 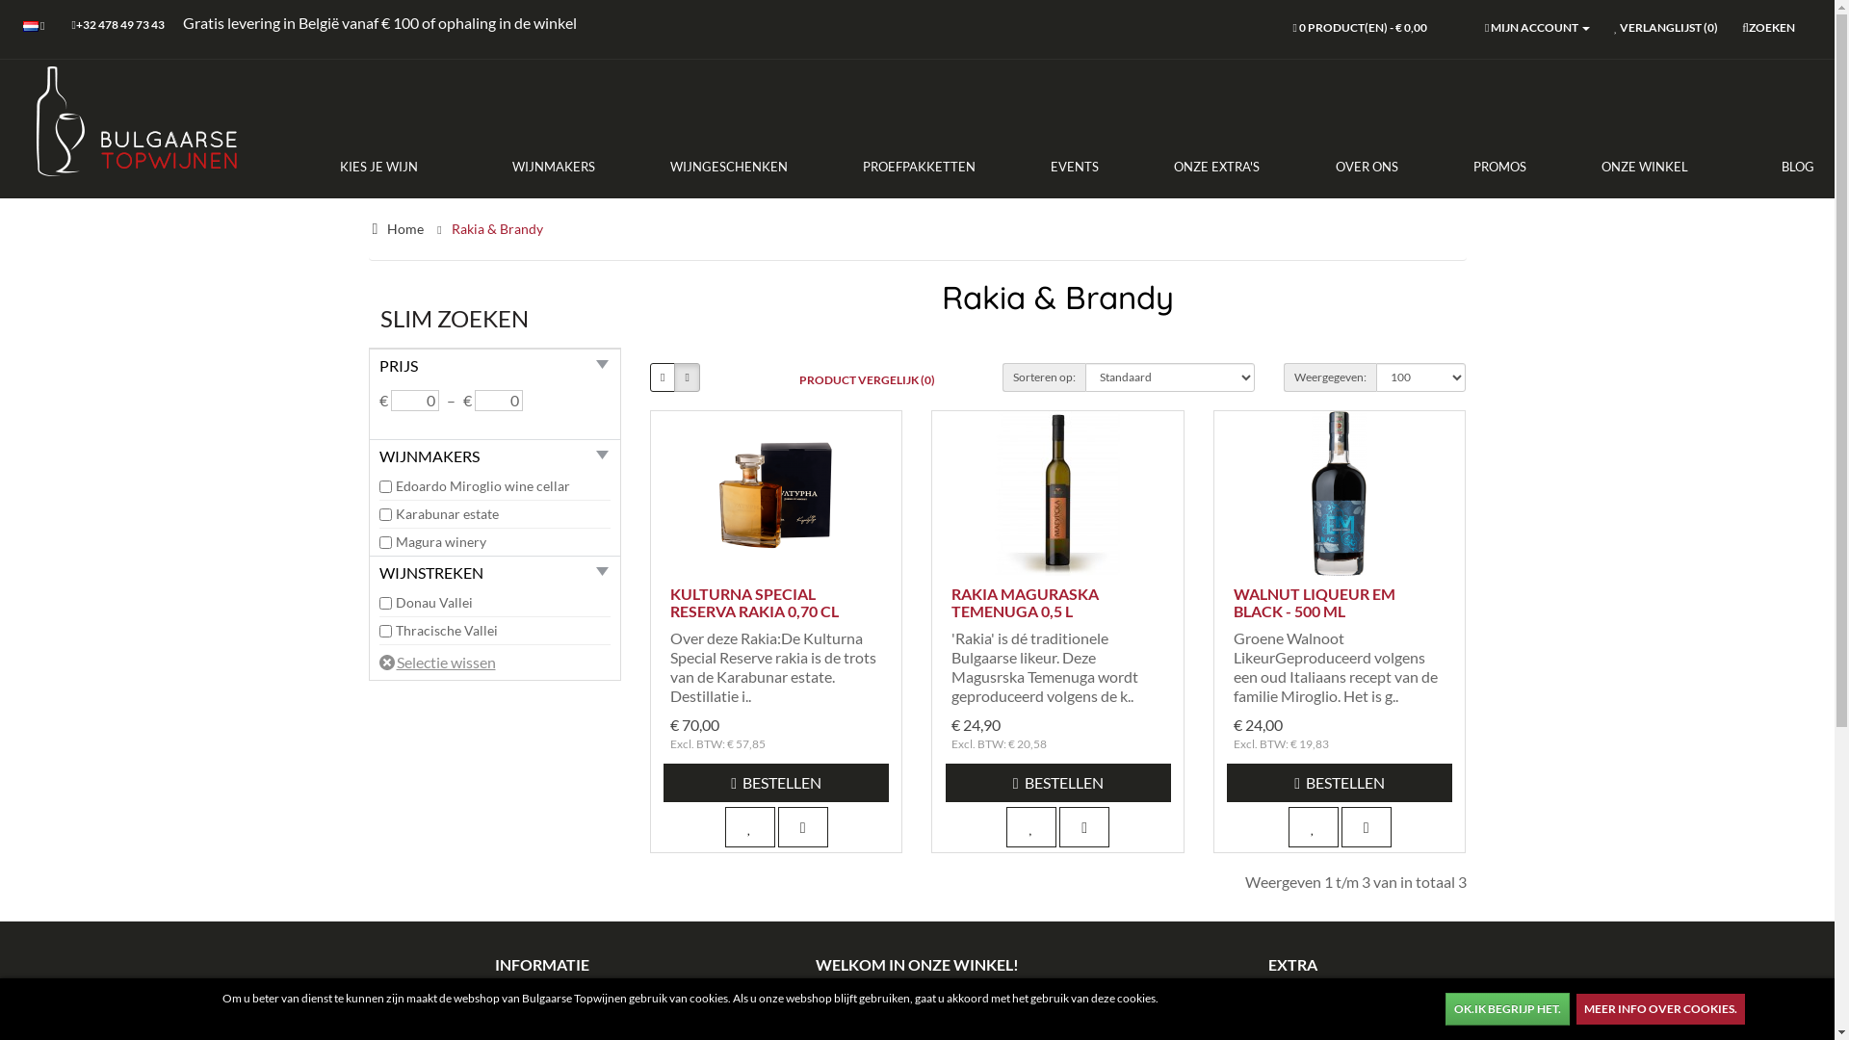 What do you see at coordinates (1768, 29) in the screenshot?
I see `'ZOEKEN'` at bounding box center [1768, 29].